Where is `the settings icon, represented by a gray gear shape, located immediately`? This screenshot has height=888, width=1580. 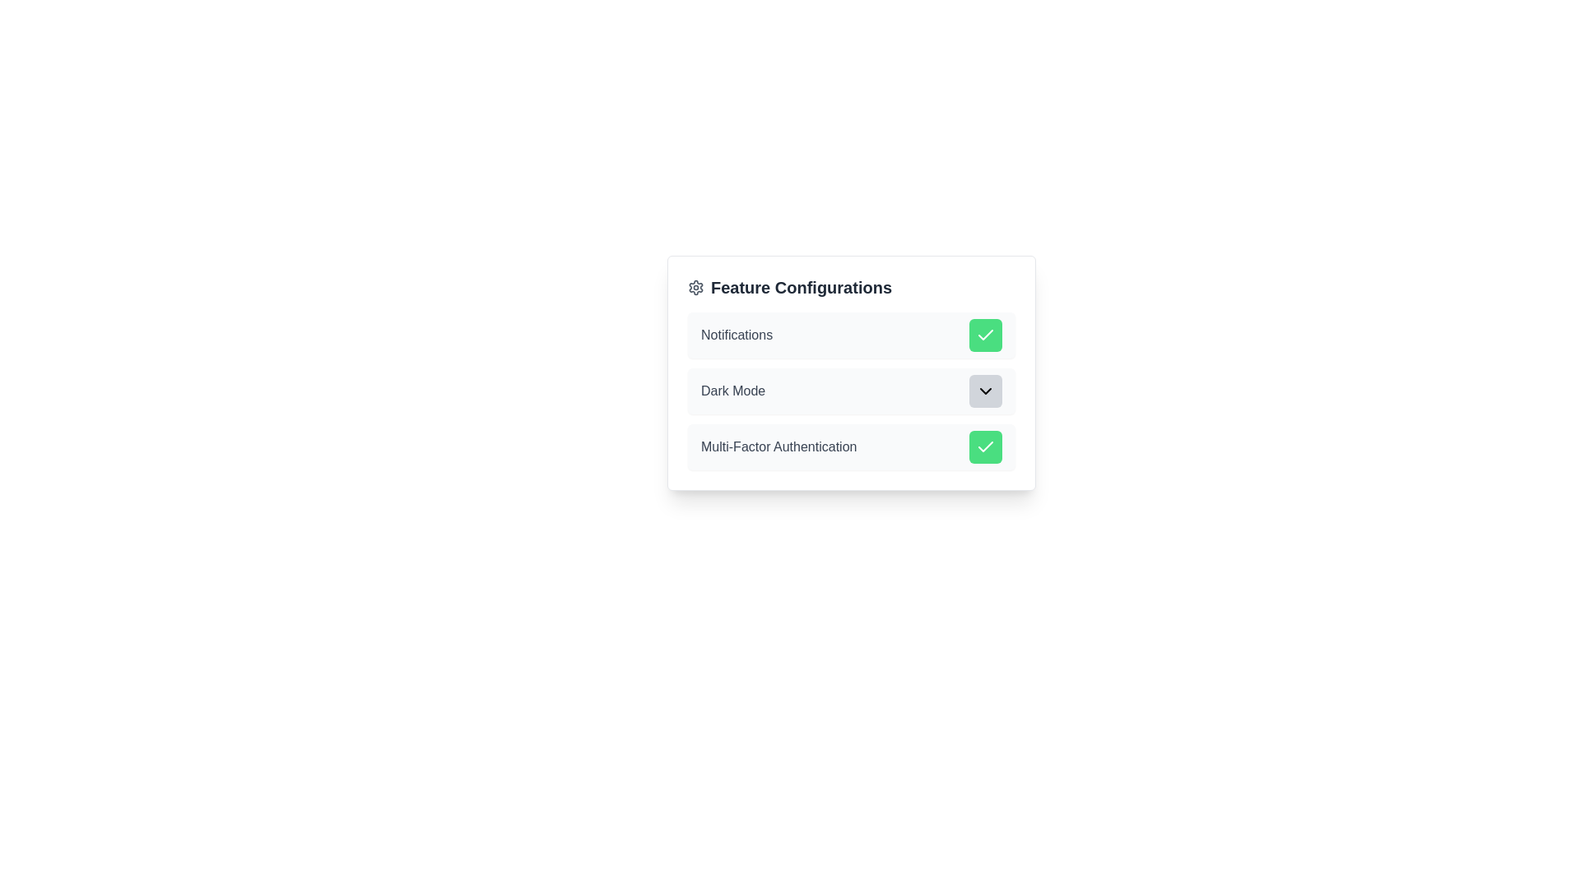 the settings icon, represented by a gray gear shape, located immediately is located at coordinates (695, 287).